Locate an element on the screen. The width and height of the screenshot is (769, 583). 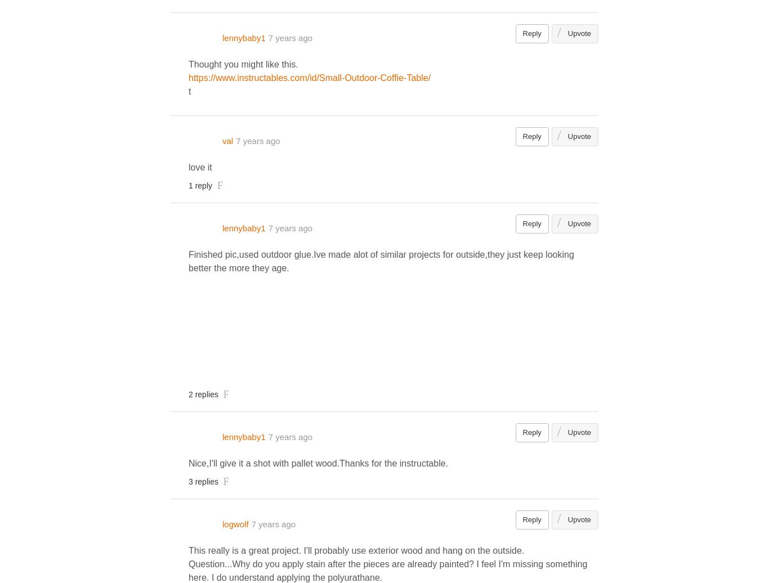
'val' is located at coordinates (227, 140).